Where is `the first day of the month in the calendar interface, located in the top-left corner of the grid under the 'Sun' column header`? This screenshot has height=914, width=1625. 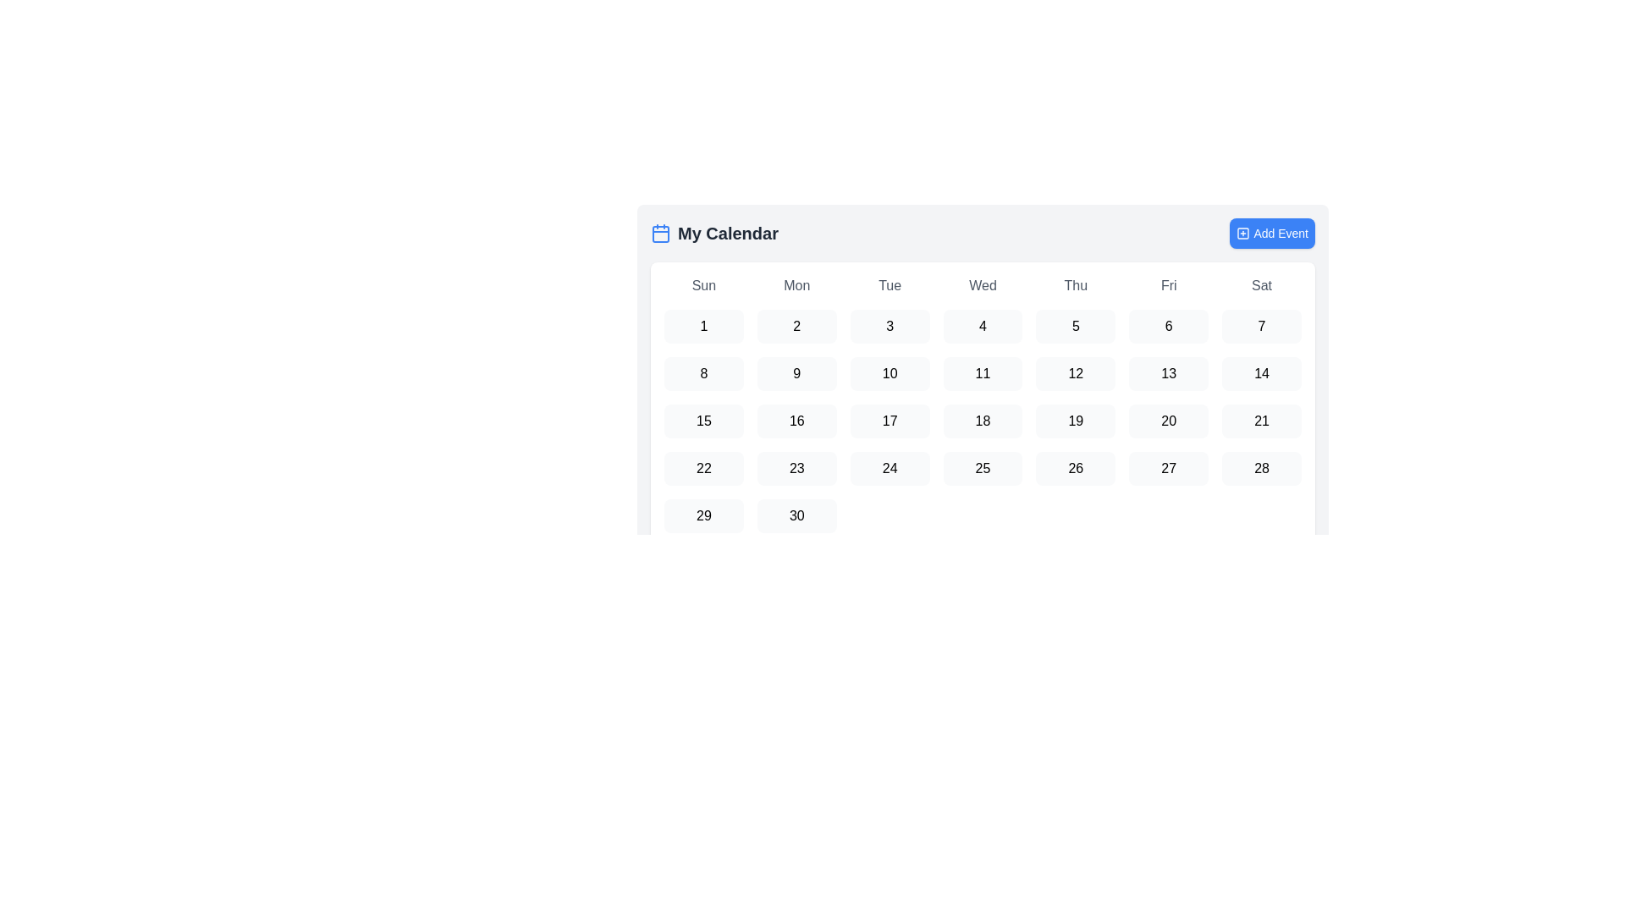 the first day of the month in the calendar interface, located in the top-left corner of the grid under the 'Sun' column header is located at coordinates (703, 326).